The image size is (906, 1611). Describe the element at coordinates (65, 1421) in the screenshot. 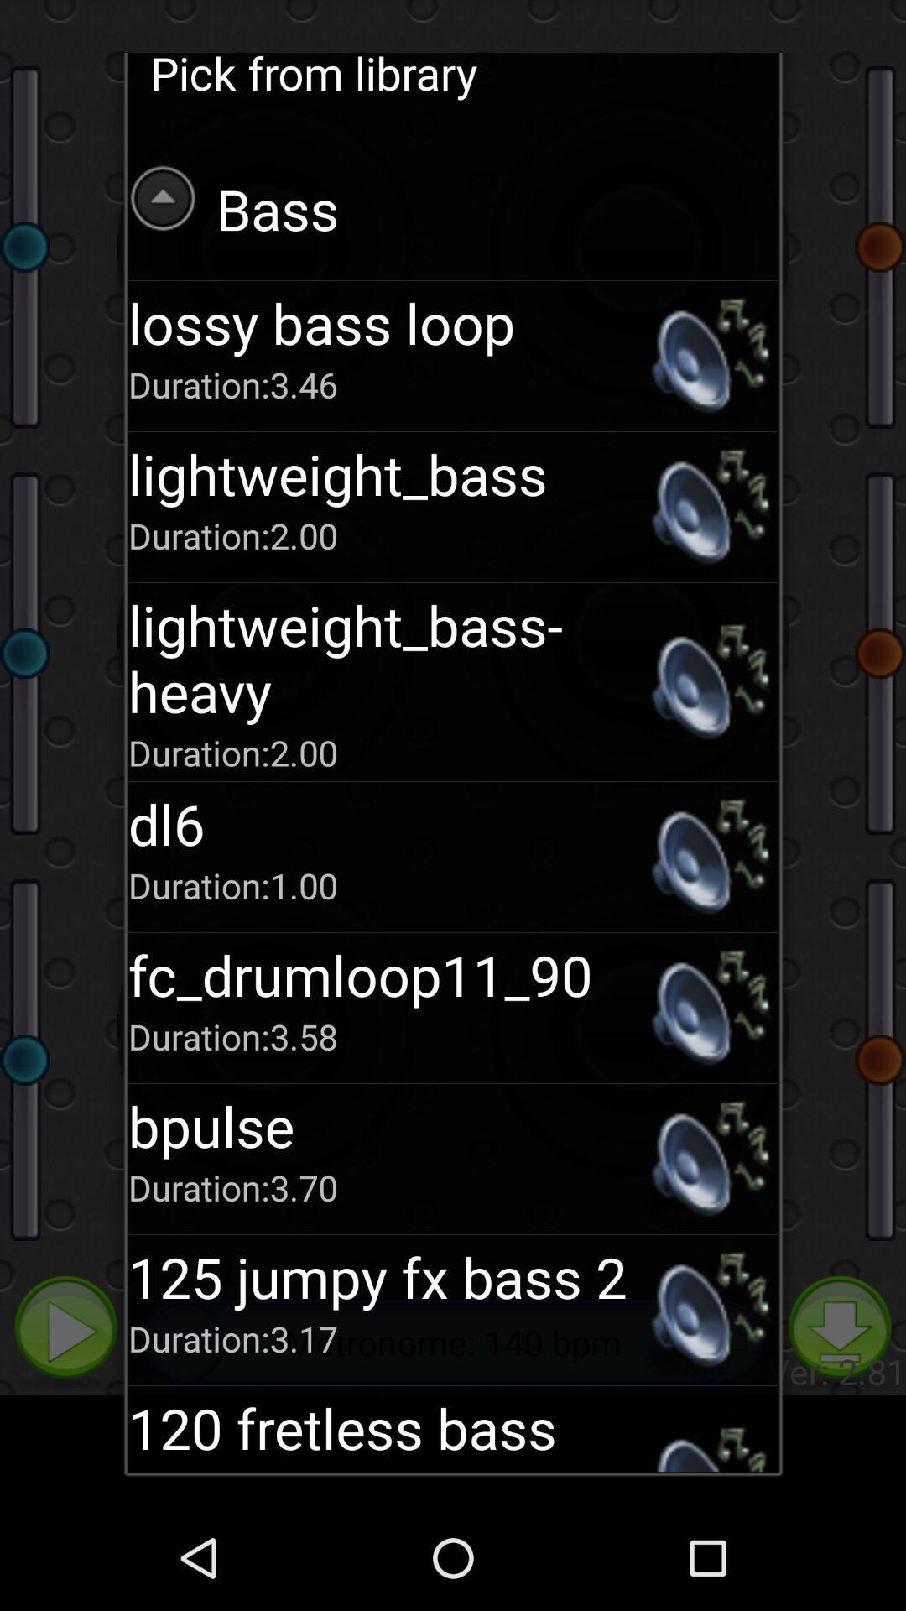

I see `the play icon` at that location.